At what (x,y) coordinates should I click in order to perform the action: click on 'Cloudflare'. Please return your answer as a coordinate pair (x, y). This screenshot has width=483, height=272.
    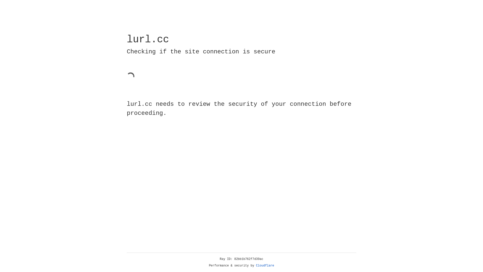
    Looking at the image, I should click on (265, 265).